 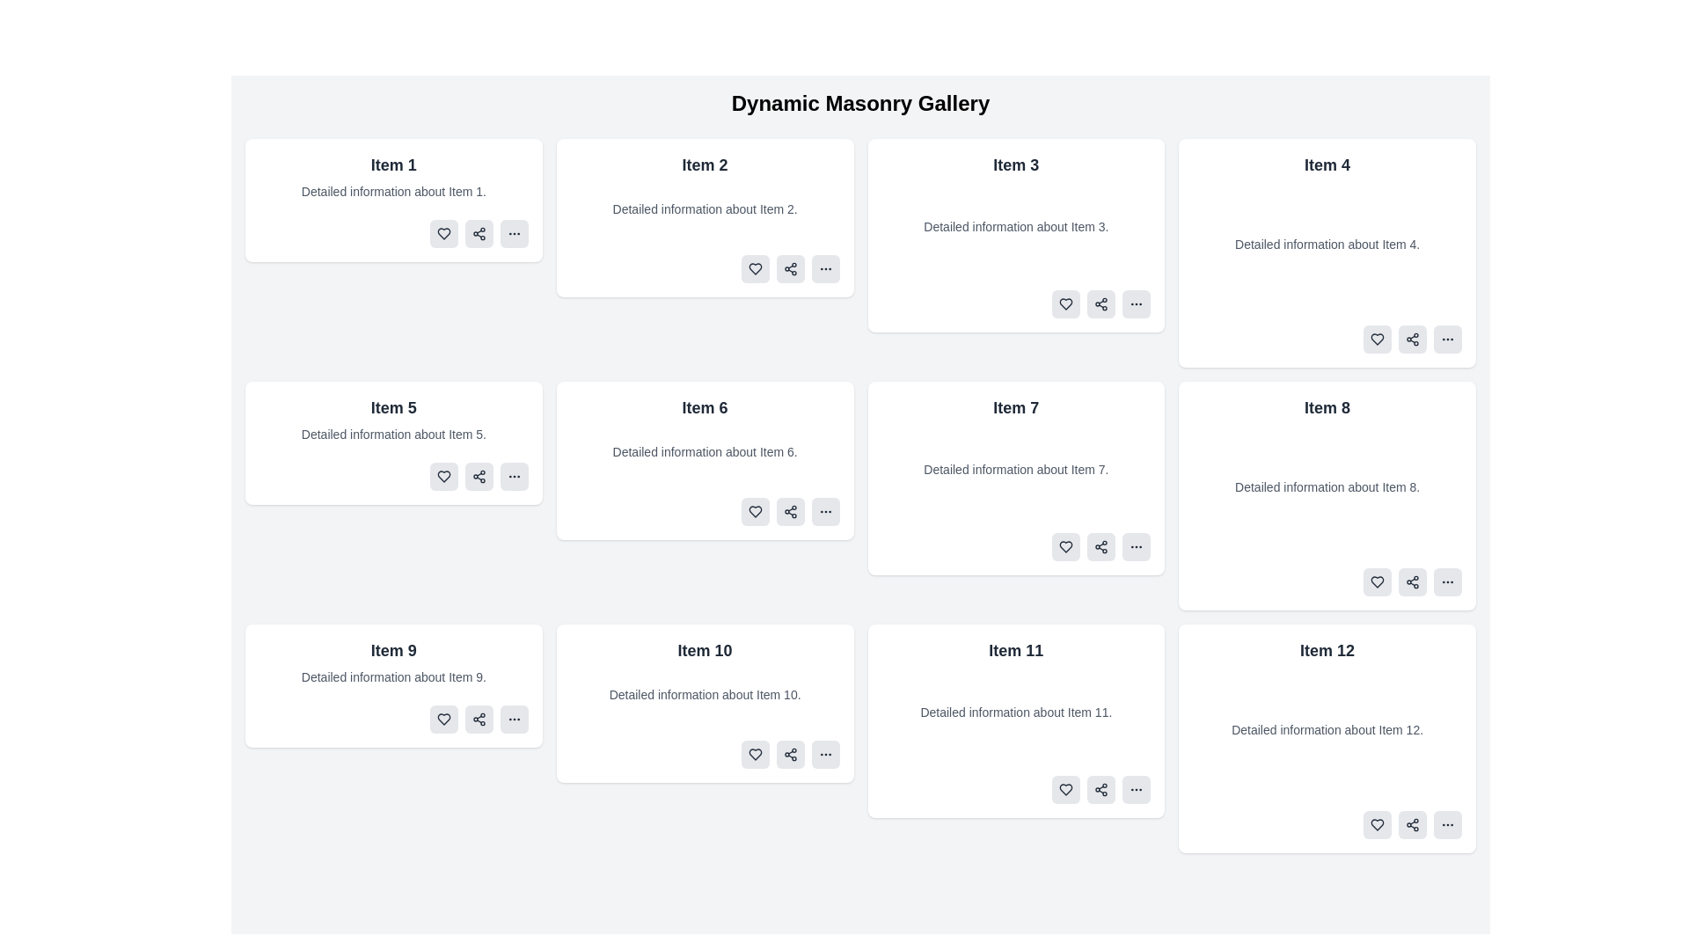 What do you see at coordinates (443, 719) in the screenshot?
I see `the heart-shaped icon button outlined in dark color within the 'Item 9' card` at bounding box center [443, 719].